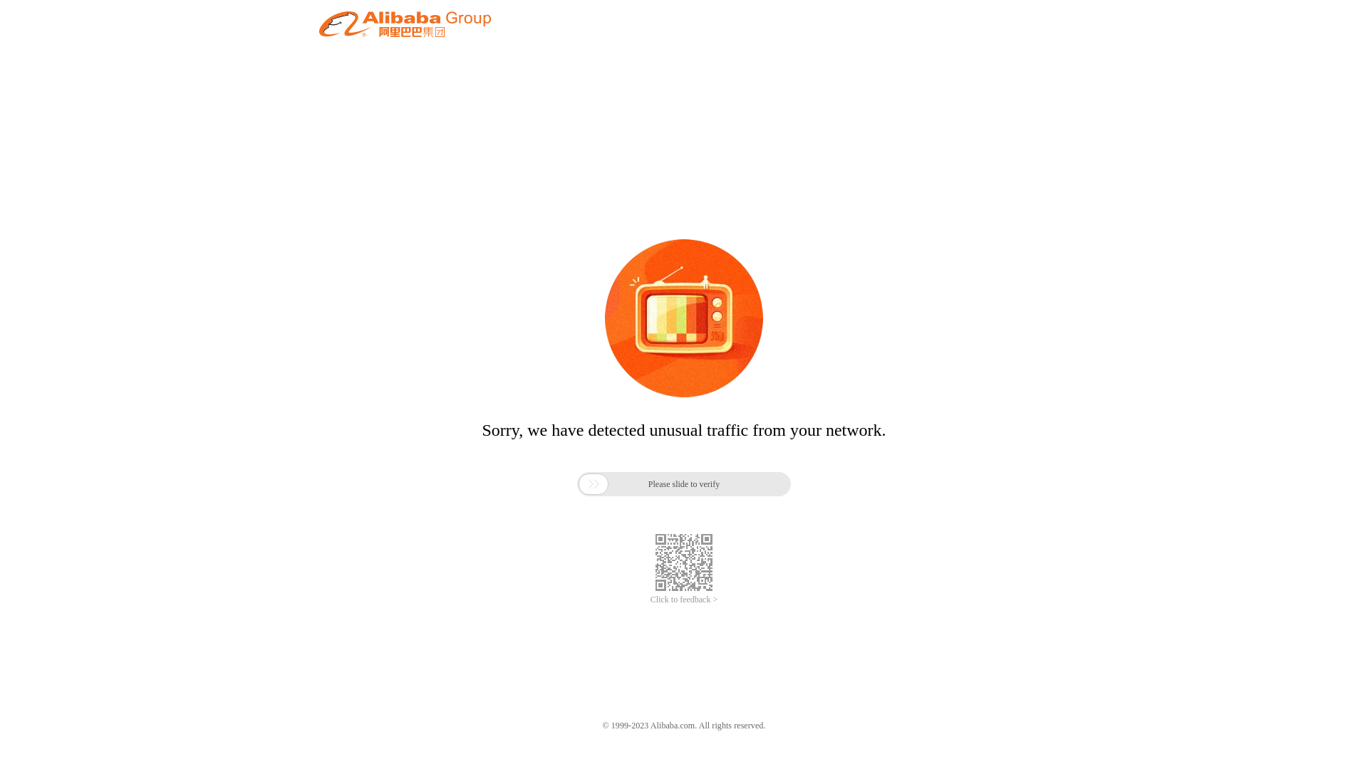 This screenshot has height=769, width=1368. What do you see at coordinates (684, 600) in the screenshot?
I see `'Click to feedback >'` at bounding box center [684, 600].